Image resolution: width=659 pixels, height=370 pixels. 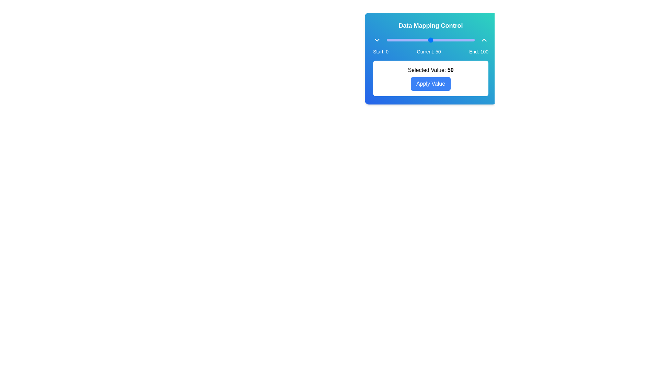 What do you see at coordinates (478, 51) in the screenshot?
I see `the static text label indicating the end point of the range, which is set to '100', located near the upper-right corner of the component` at bounding box center [478, 51].